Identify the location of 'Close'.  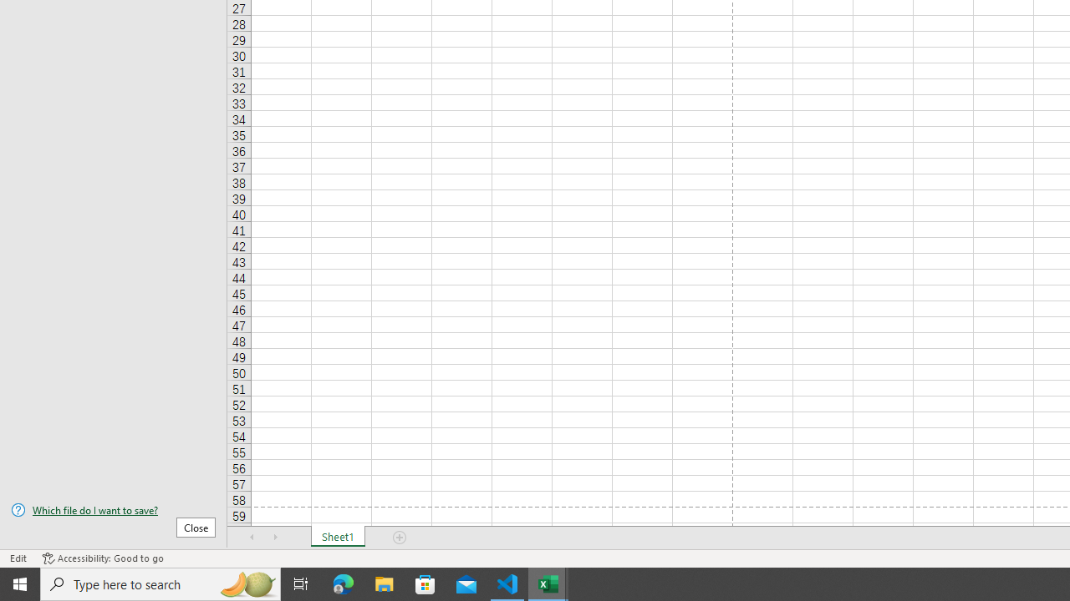
(196, 527).